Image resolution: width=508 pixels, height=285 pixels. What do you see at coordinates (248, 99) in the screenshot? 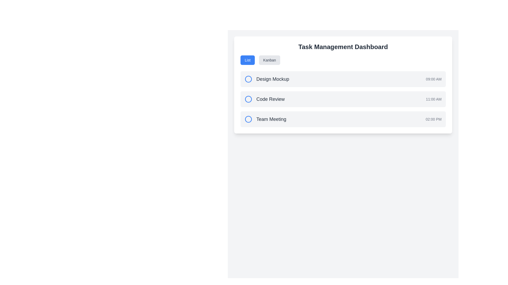
I see `the circular selection indicator for the 'Code Review' task in the task list, which is unselected and has a blue border and white fill` at bounding box center [248, 99].